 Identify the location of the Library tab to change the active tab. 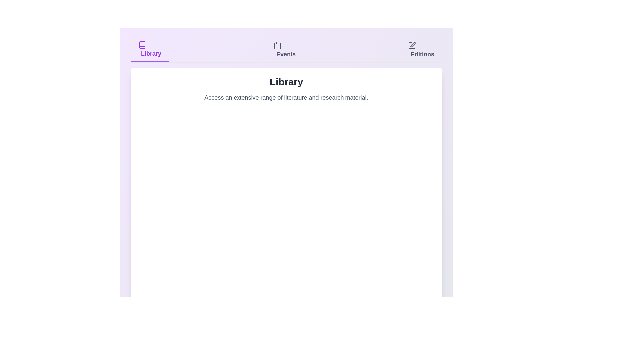
(149, 50).